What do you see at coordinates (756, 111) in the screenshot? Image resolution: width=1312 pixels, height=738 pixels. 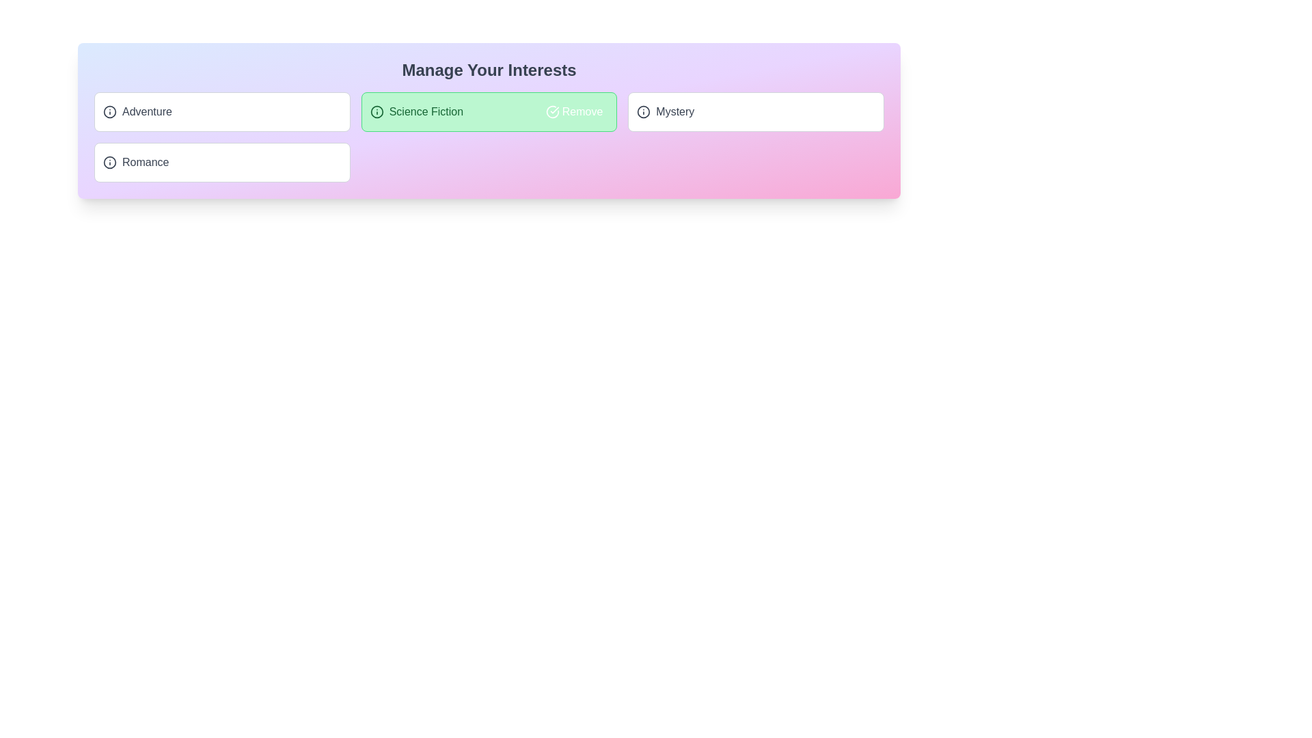 I see `the tag Mystery by clicking on it` at bounding box center [756, 111].